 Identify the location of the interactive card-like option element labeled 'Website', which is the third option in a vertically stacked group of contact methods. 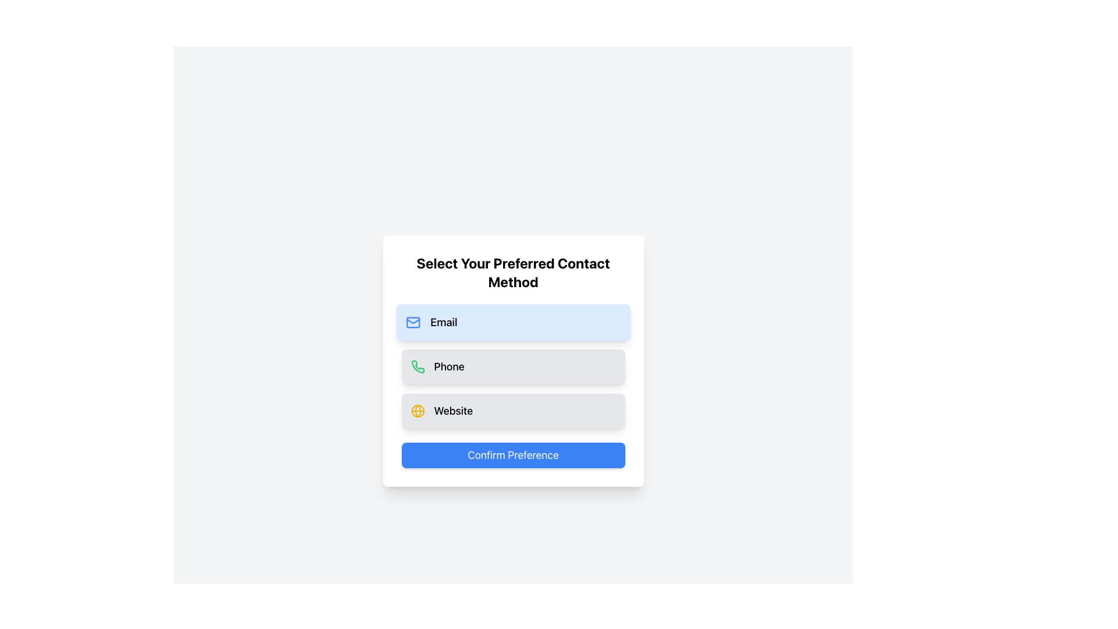
(512, 410).